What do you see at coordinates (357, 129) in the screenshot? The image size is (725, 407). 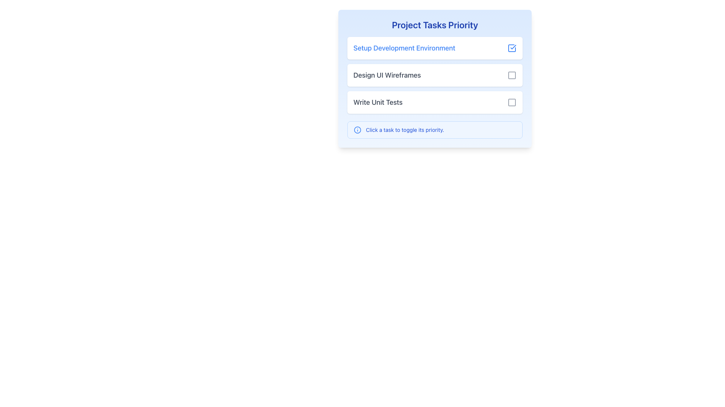 I see `the circular icon with a blue border and white fill that contains a vertical line and a dot, located in the lower-left corner of the message box with light blue background` at bounding box center [357, 129].